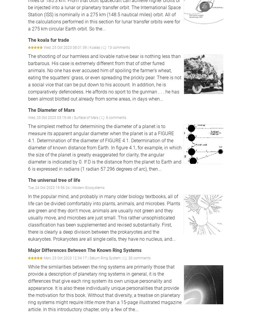 The image size is (267, 317). What do you see at coordinates (66, 47) in the screenshot?
I see `'Wed, 25 Oct 2023 08:01:39                                    |'` at bounding box center [66, 47].